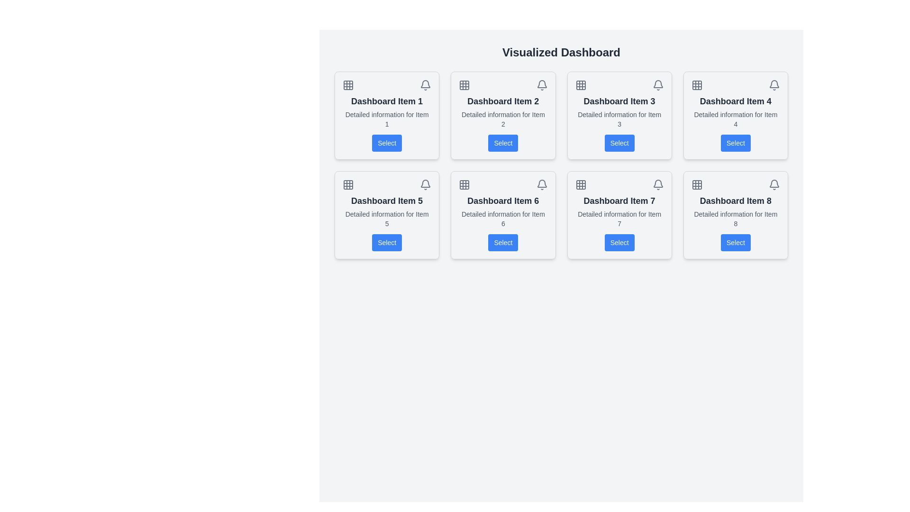 The width and height of the screenshot is (910, 512). Describe the element at coordinates (502, 242) in the screenshot. I see `the button located at the bottom of the card labeled 'Dashboard Item 6'` at that location.